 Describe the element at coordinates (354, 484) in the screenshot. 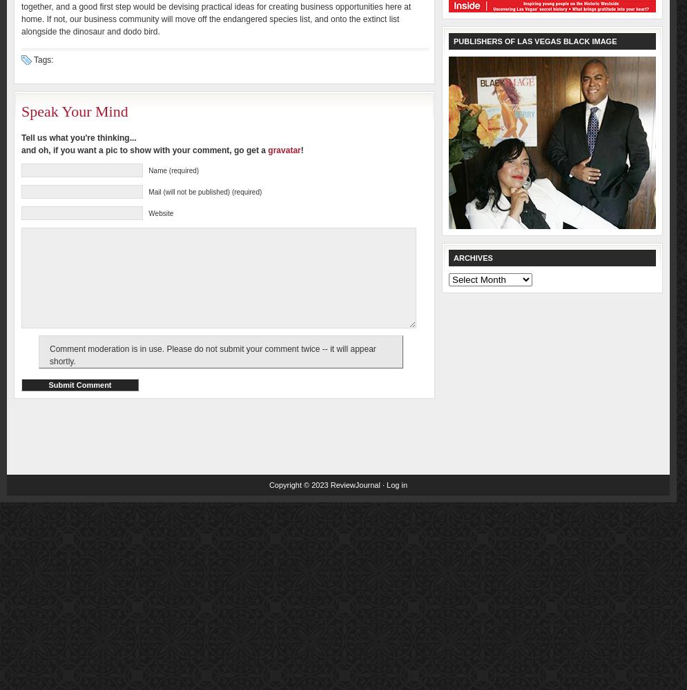

I see `'ReviewJournal'` at that location.